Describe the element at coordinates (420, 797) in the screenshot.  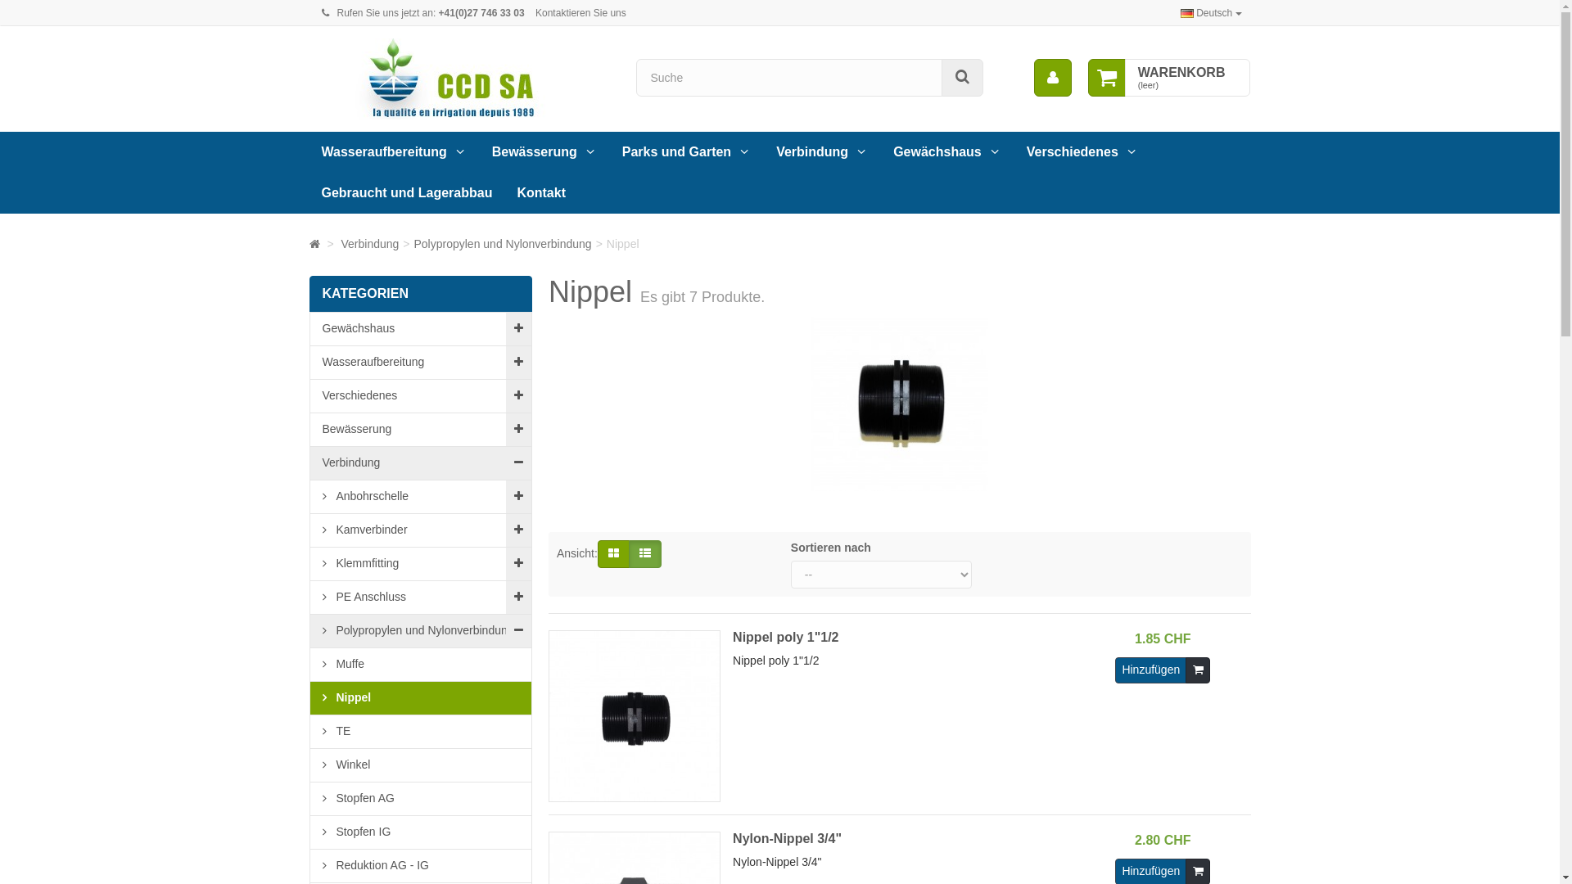
I see `'Stopfen AG'` at that location.